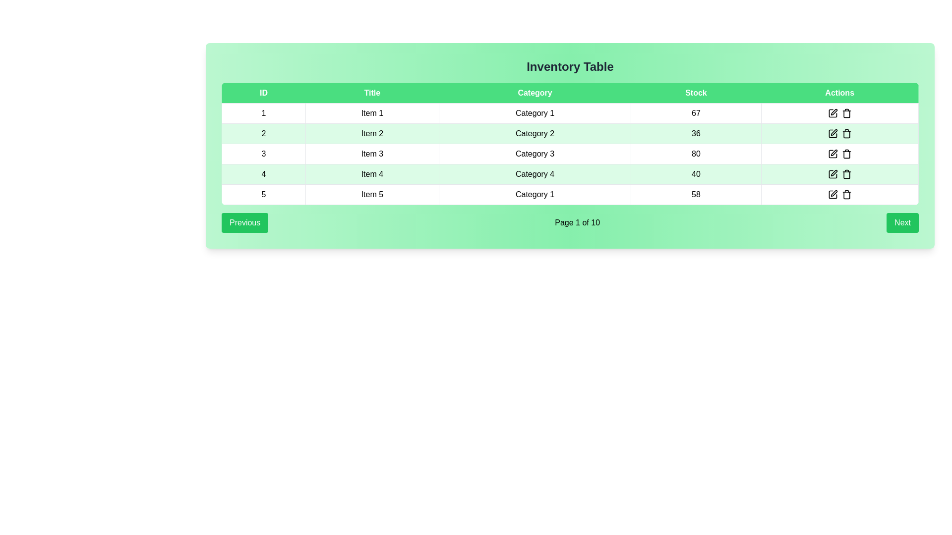  I want to click on the edit icon represented by a pen over a square in the Actions column of the fourth row in the table to invoke the action associated with editing the table entry, so click(833, 153).